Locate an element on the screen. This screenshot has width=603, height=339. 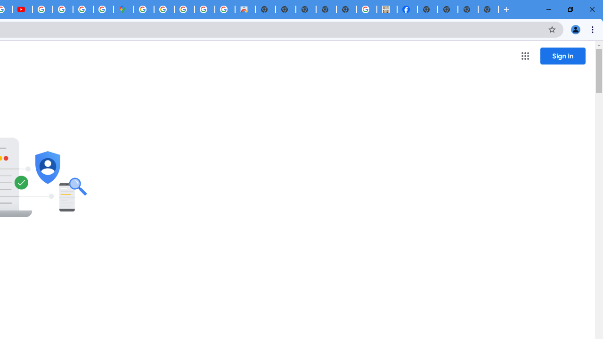
'Google Maps' is located at coordinates (123, 9).